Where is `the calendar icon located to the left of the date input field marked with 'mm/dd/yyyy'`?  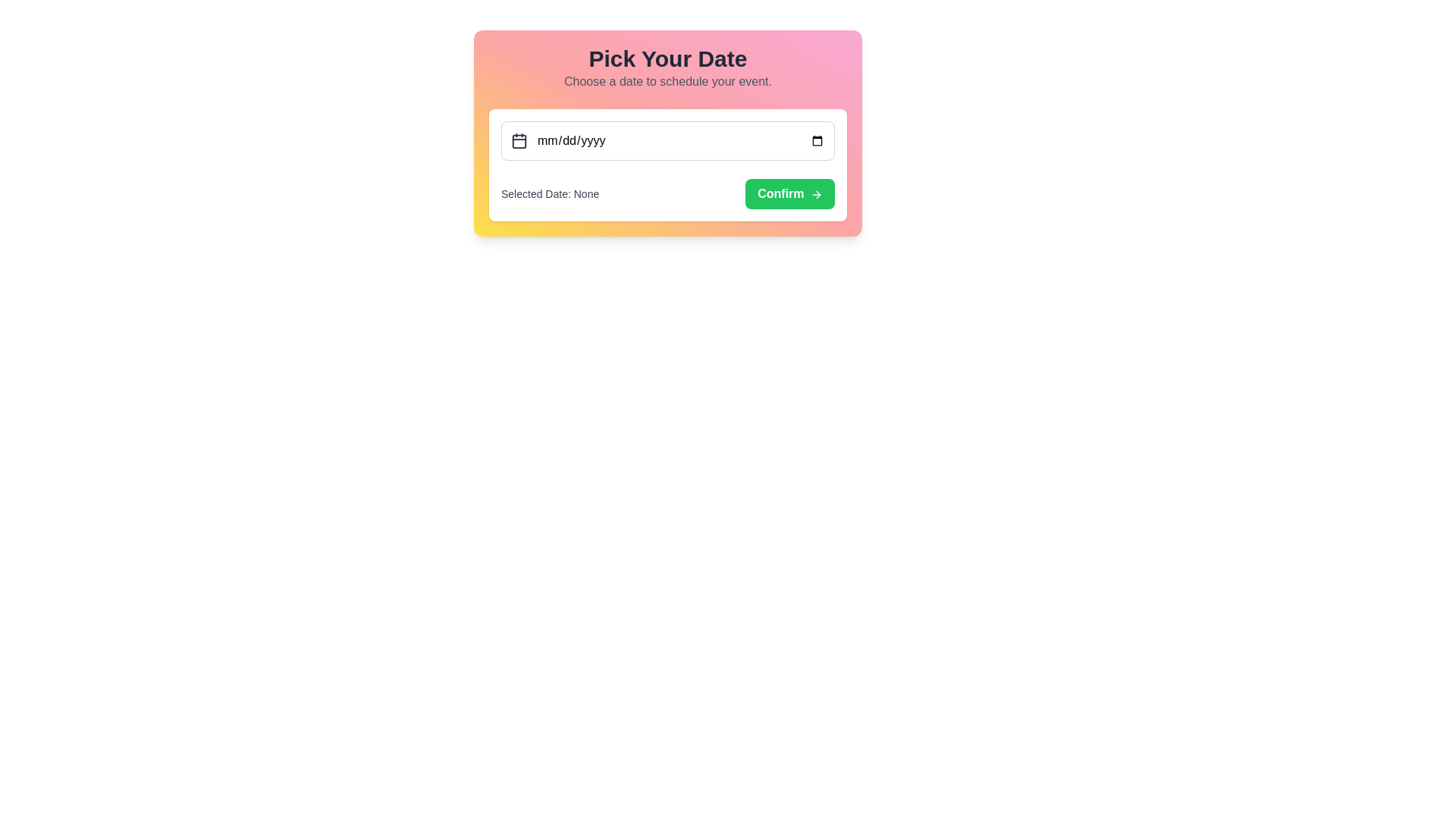
the calendar icon located to the left of the date input field marked with 'mm/dd/yyyy' is located at coordinates (519, 140).